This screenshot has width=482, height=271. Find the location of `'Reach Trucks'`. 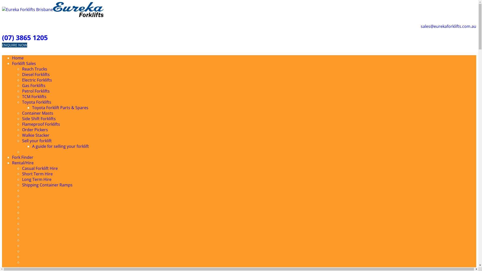

'Reach Trucks' is located at coordinates (34, 69).